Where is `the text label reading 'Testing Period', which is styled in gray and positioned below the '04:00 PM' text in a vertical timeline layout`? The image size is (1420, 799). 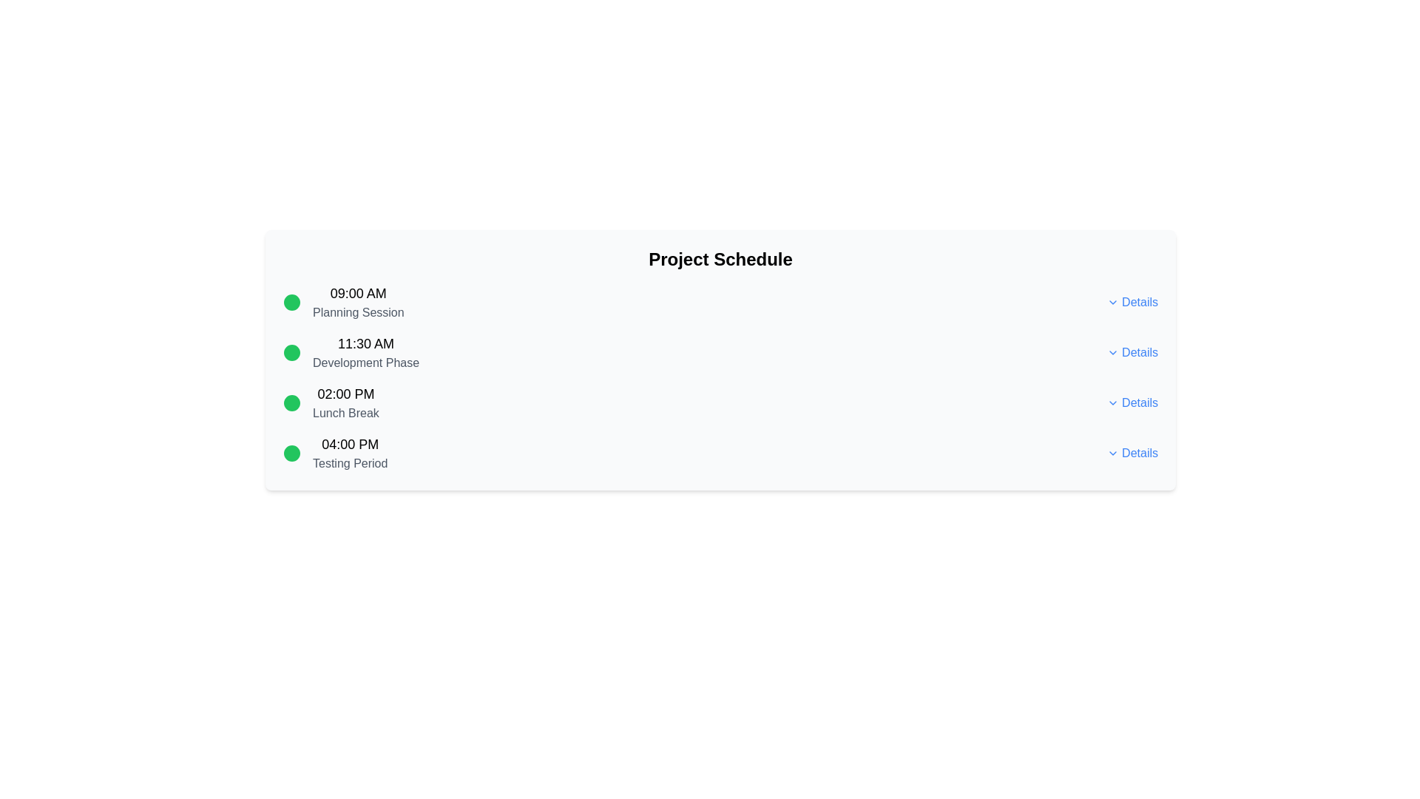 the text label reading 'Testing Period', which is styled in gray and positioned below the '04:00 PM' text in a vertical timeline layout is located at coordinates (349, 463).